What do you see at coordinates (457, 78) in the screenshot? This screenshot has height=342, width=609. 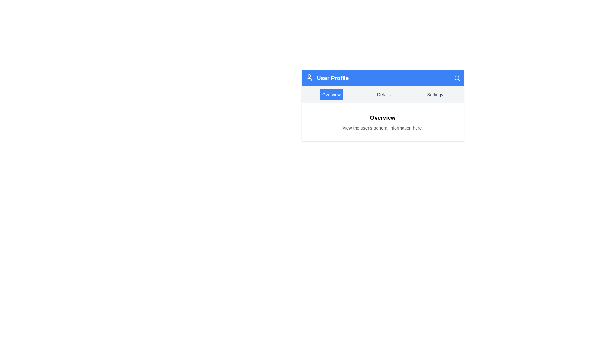 I see `the magnifying glass icon representing search functionality located in the top-right corner of the 'User Profile' header section` at bounding box center [457, 78].